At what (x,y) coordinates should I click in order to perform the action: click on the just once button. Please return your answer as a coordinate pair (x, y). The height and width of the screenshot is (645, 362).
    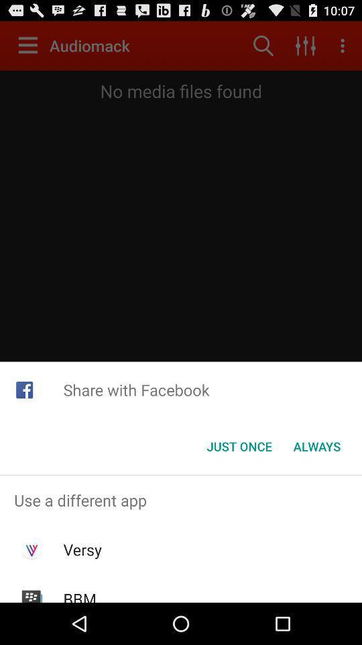
    Looking at the image, I should click on (239, 446).